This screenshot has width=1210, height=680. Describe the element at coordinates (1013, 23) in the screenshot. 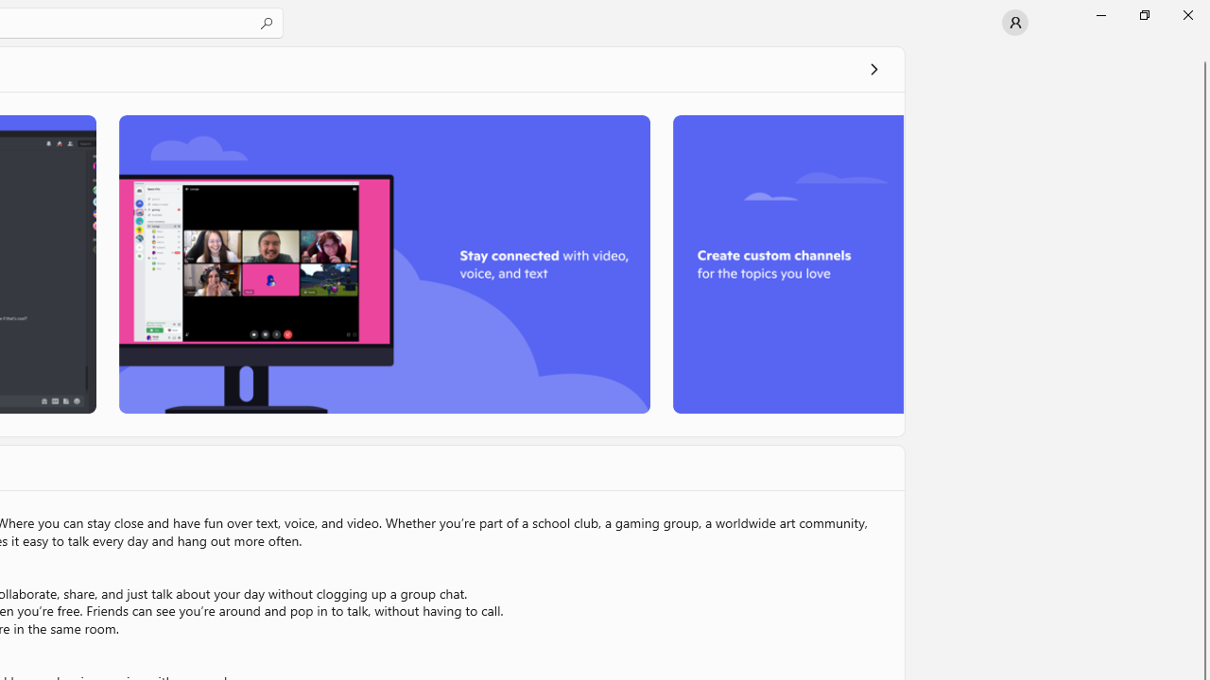

I see `'User profile'` at that location.